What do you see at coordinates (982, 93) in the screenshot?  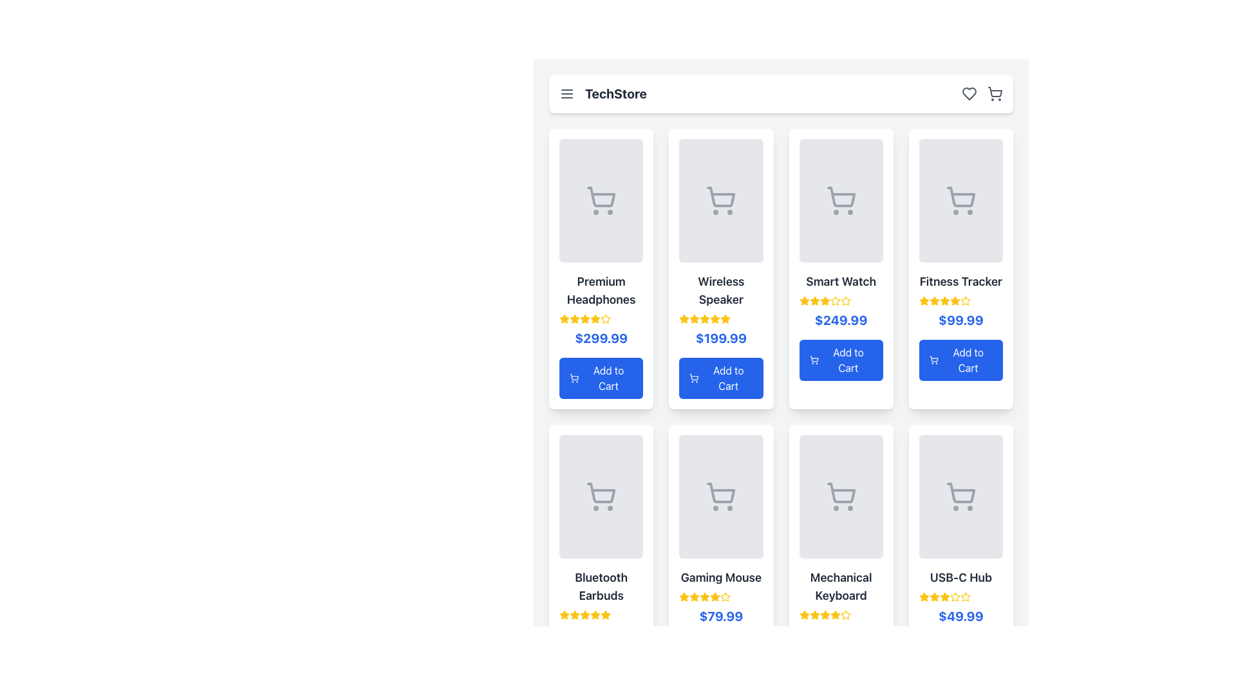 I see `the heart icon in the icon group located in the top-right corner of the navigation bar to interact with the favorites functionality` at bounding box center [982, 93].